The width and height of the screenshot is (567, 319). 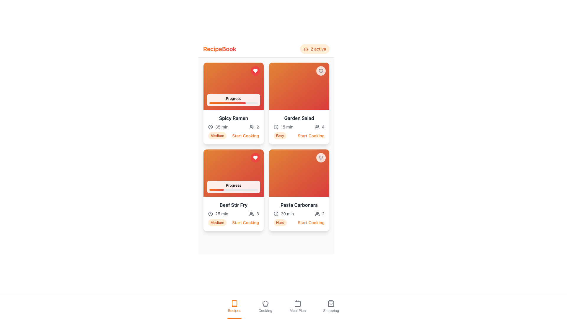 I want to click on the timer icon, which is a line drawing styled in orange, located at the start of the badge component labeled '2 active', near the title 'RecipeBook', so click(x=306, y=48).